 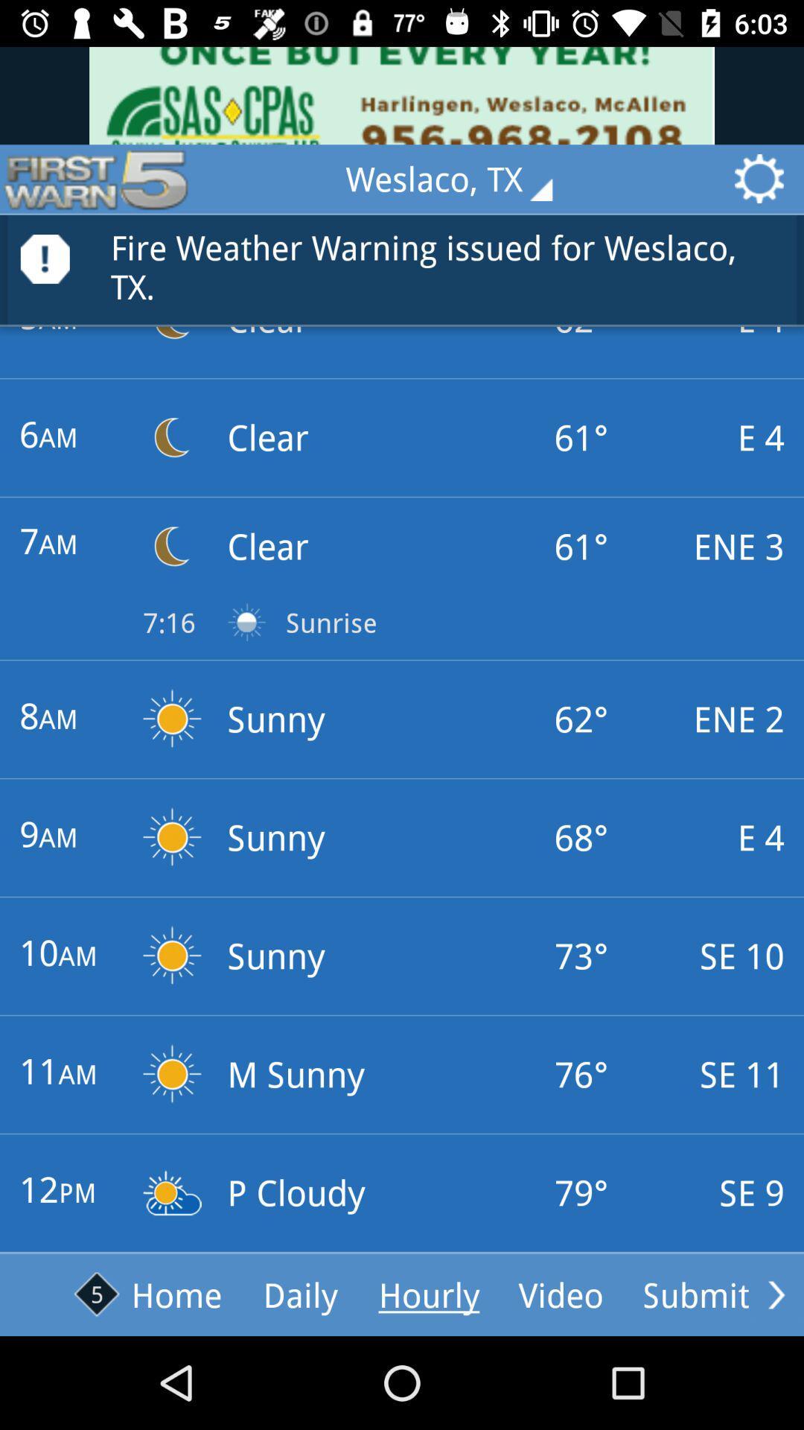 I want to click on the arrow_forward icon, so click(x=776, y=1294).